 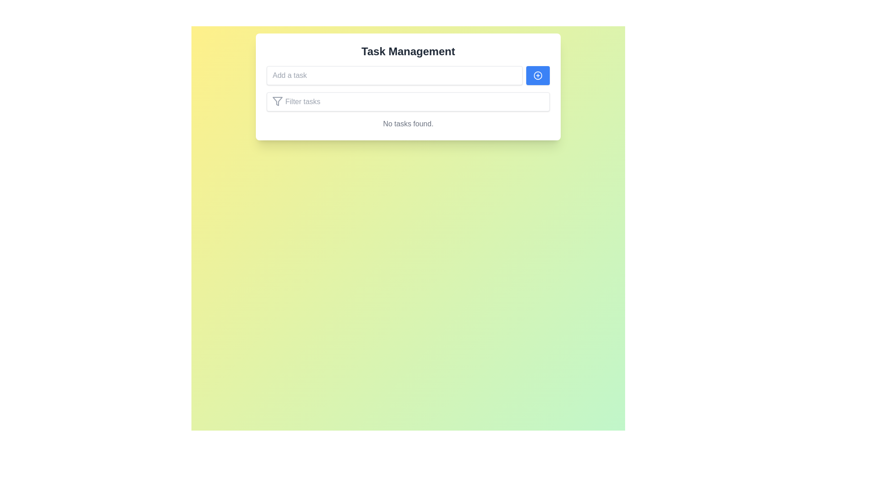 What do you see at coordinates (277, 101) in the screenshot?
I see `the funnel-shaped filter icon with a light gray outline located to the left of the 'Filter tasks' text input field` at bounding box center [277, 101].